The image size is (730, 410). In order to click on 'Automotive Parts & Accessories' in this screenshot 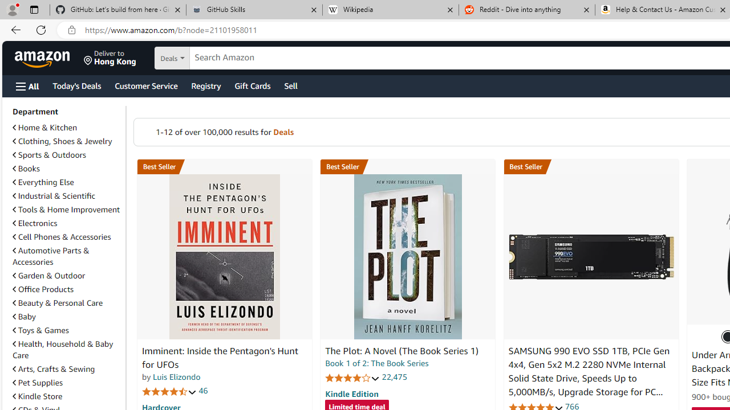, I will do `click(50, 256)`.